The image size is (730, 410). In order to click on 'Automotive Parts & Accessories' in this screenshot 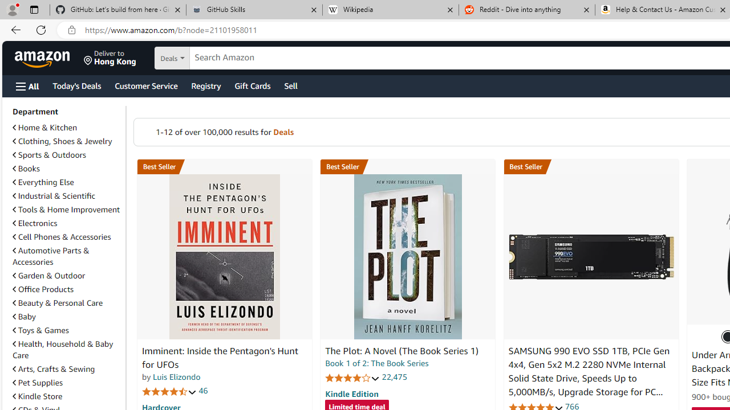, I will do `click(50, 256)`.